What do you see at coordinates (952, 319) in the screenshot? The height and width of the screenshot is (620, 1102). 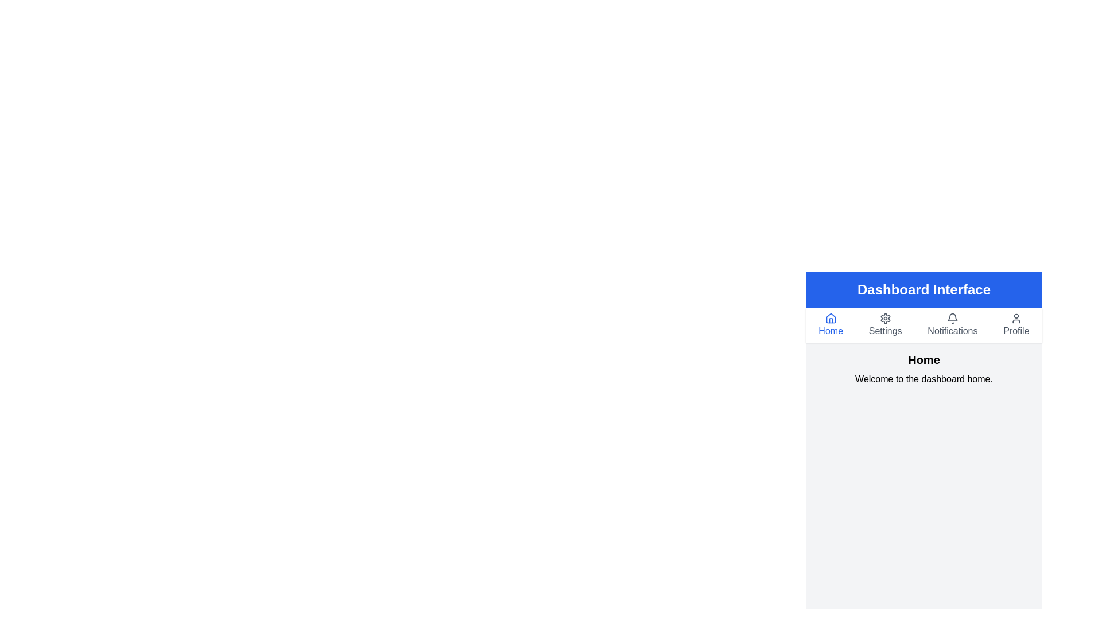 I see `the notification indicator icon located in the Notifications section of the navigation bar` at bounding box center [952, 319].